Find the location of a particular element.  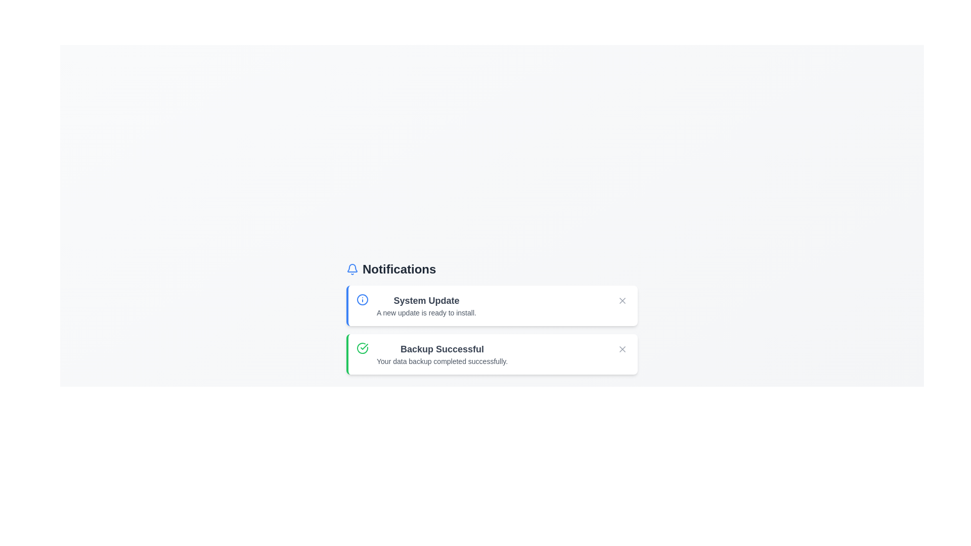

the 'x' icon button located at the far right end of the upper notification card is located at coordinates (622, 300).